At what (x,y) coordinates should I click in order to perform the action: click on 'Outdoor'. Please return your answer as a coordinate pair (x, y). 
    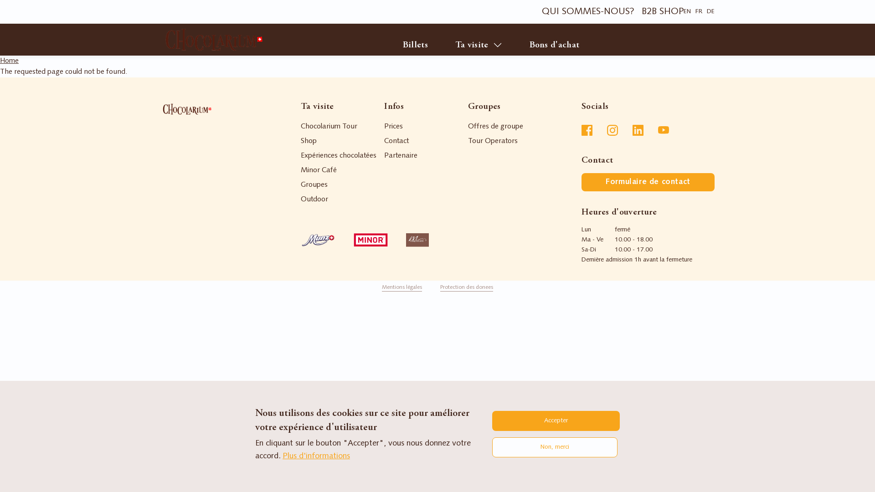
    Looking at the image, I should click on (314, 199).